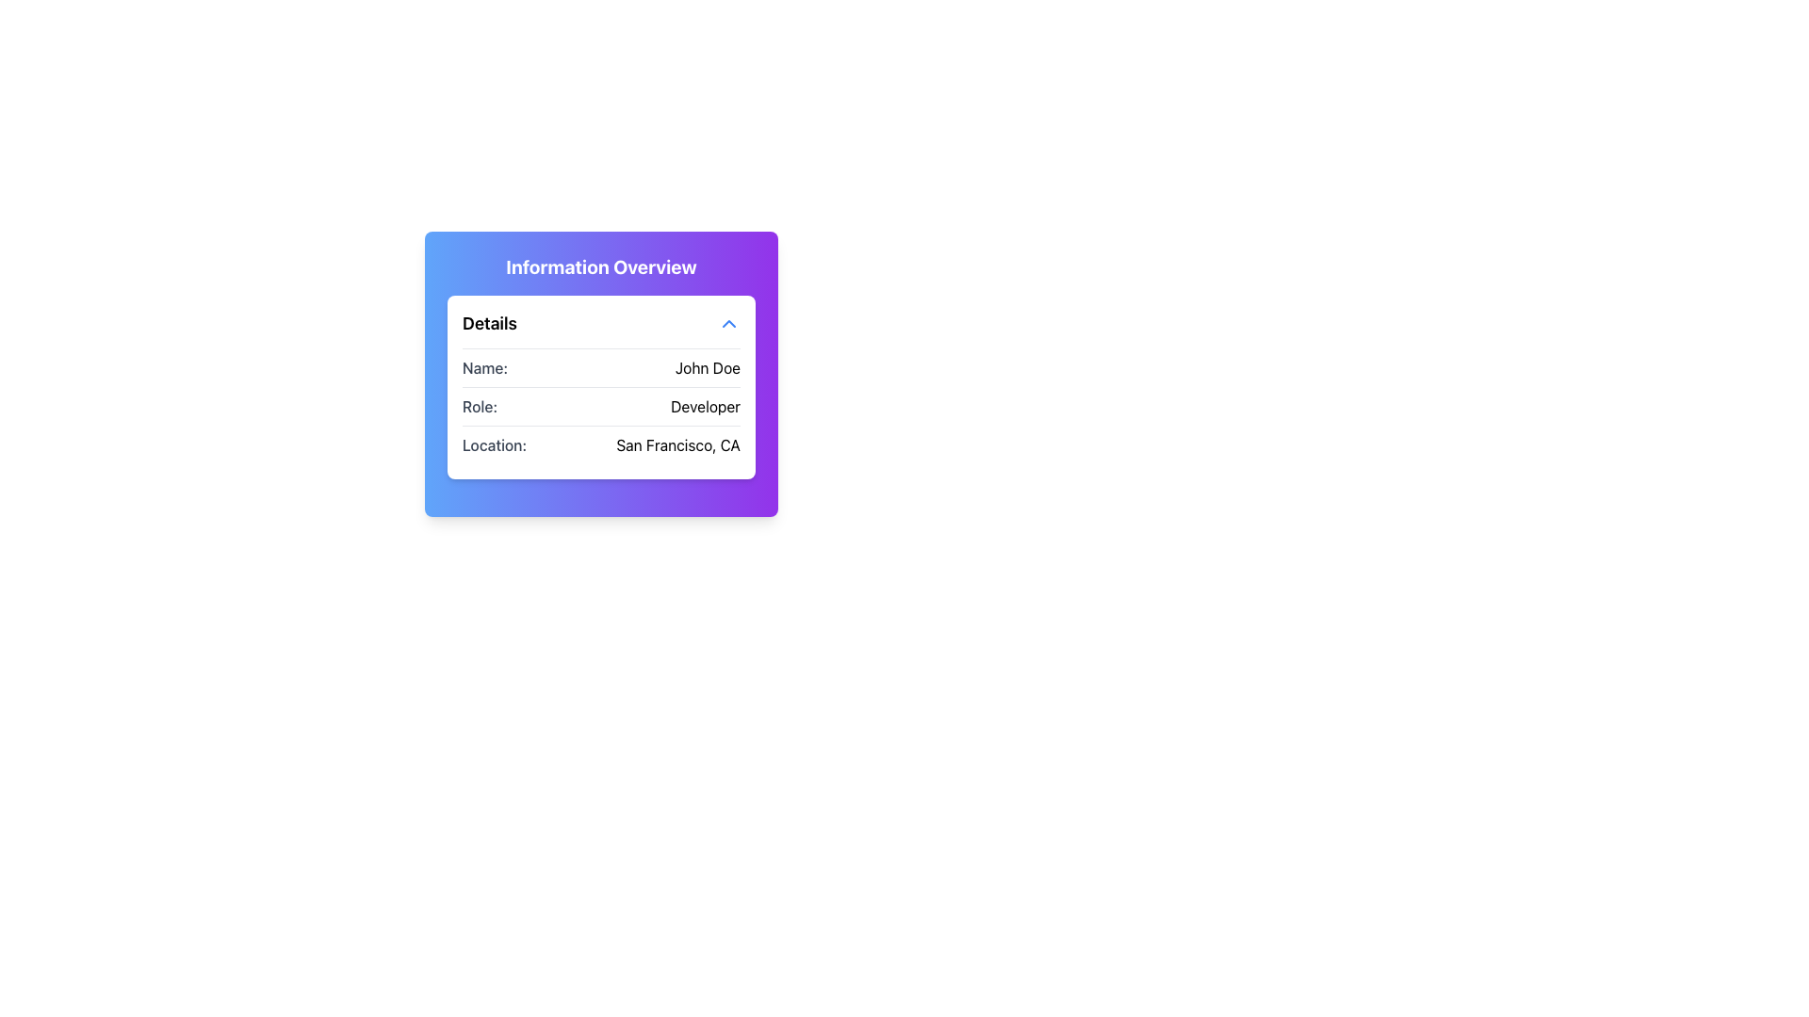  Describe the element at coordinates (705, 406) in the screenshot. I see `text displayed in the bold 'Developer' label located on the right side of the 'Role:' label within the 'Details' section of the centered card` at that location.